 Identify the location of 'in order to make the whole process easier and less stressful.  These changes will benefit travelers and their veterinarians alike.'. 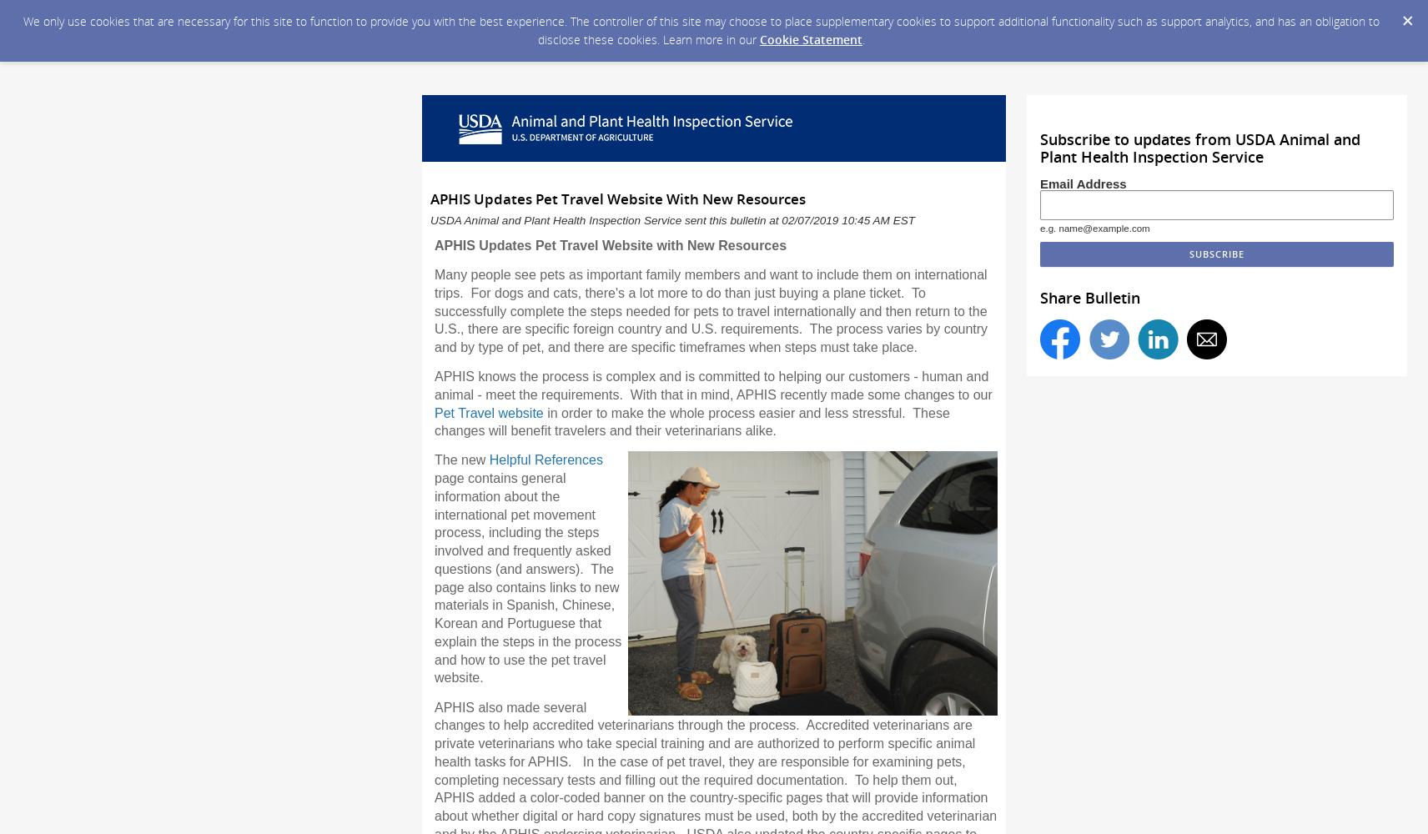
(691, 421).